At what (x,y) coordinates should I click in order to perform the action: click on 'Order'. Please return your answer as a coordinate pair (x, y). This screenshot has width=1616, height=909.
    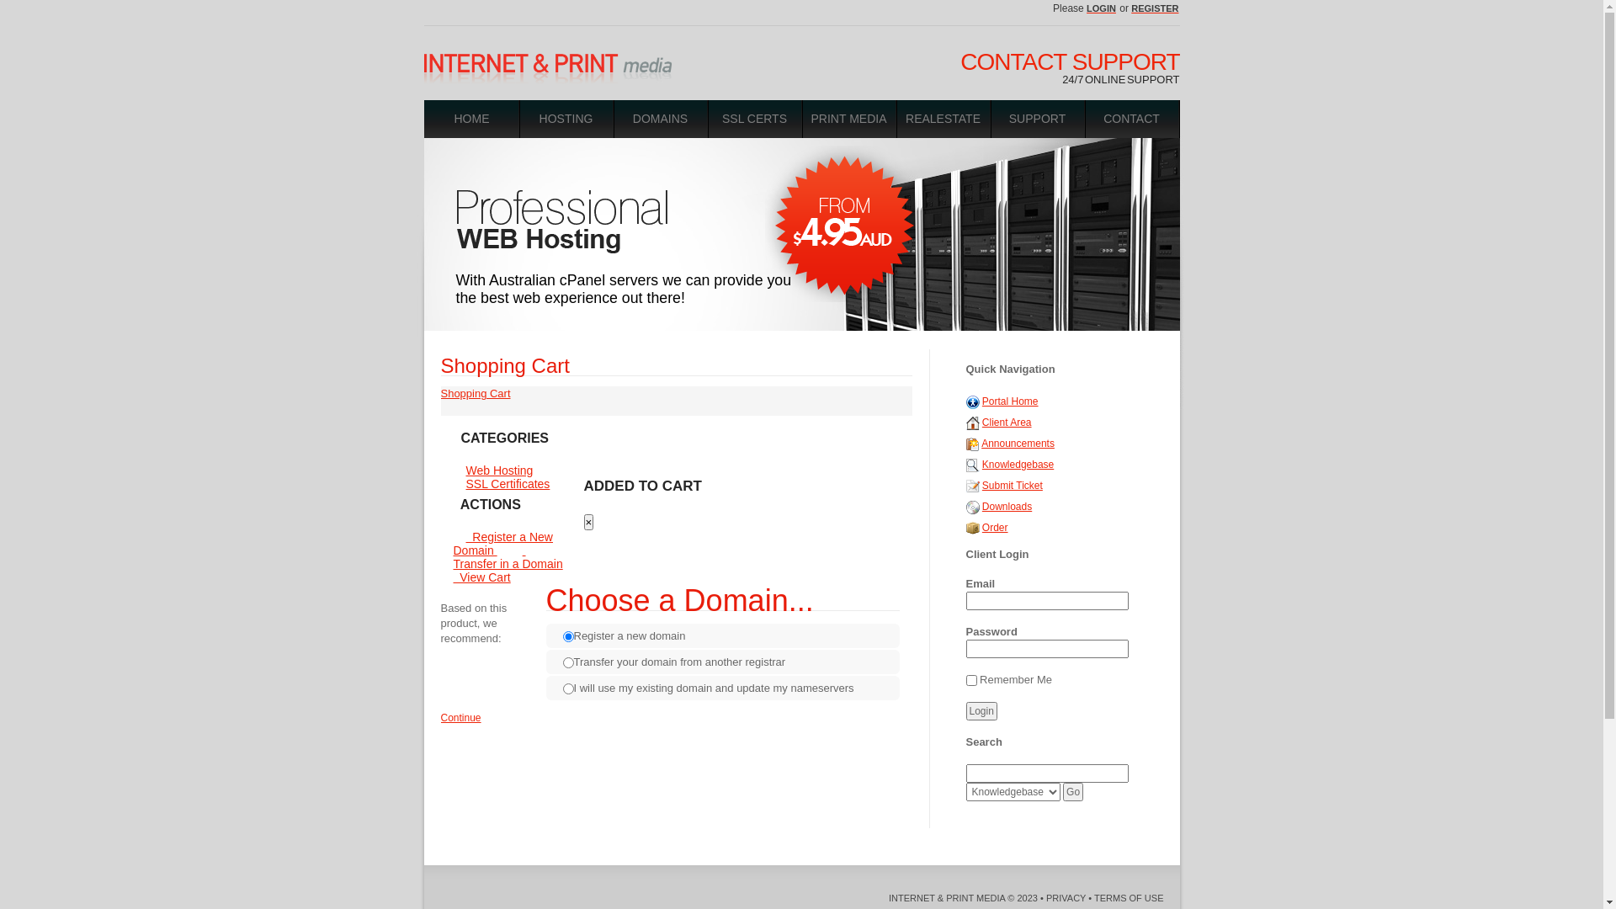
    Looking at the image, I should click on (981, 527).